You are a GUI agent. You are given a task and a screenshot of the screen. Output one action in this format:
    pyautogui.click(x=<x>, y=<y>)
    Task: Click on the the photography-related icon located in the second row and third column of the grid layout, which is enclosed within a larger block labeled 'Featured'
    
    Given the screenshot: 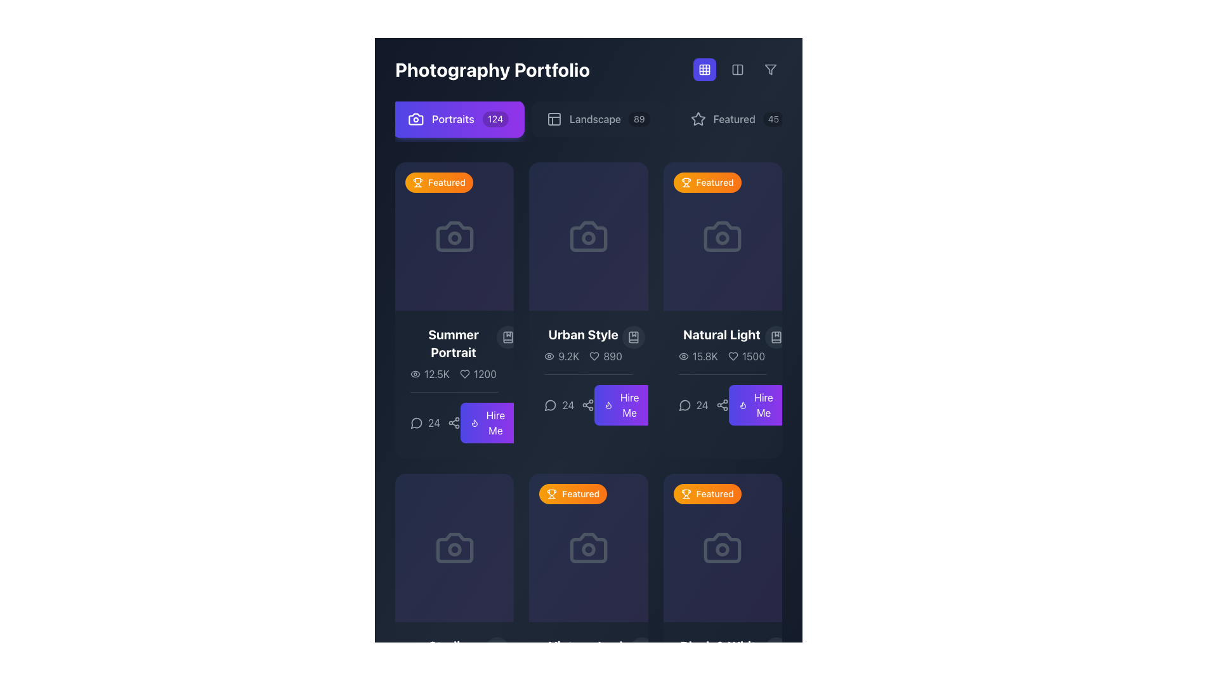 What is the action you would take?
    pyautogui.click(x=723, y=547)
    